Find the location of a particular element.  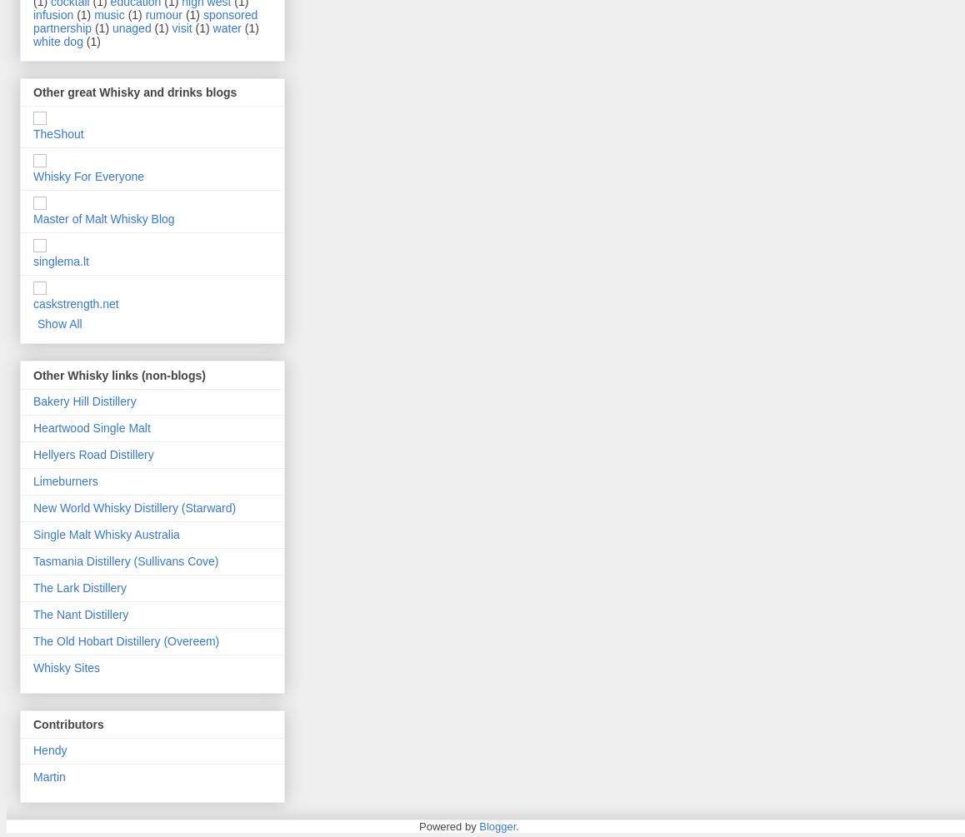

'sponsored partnership' is located at coordinates (144, 22).